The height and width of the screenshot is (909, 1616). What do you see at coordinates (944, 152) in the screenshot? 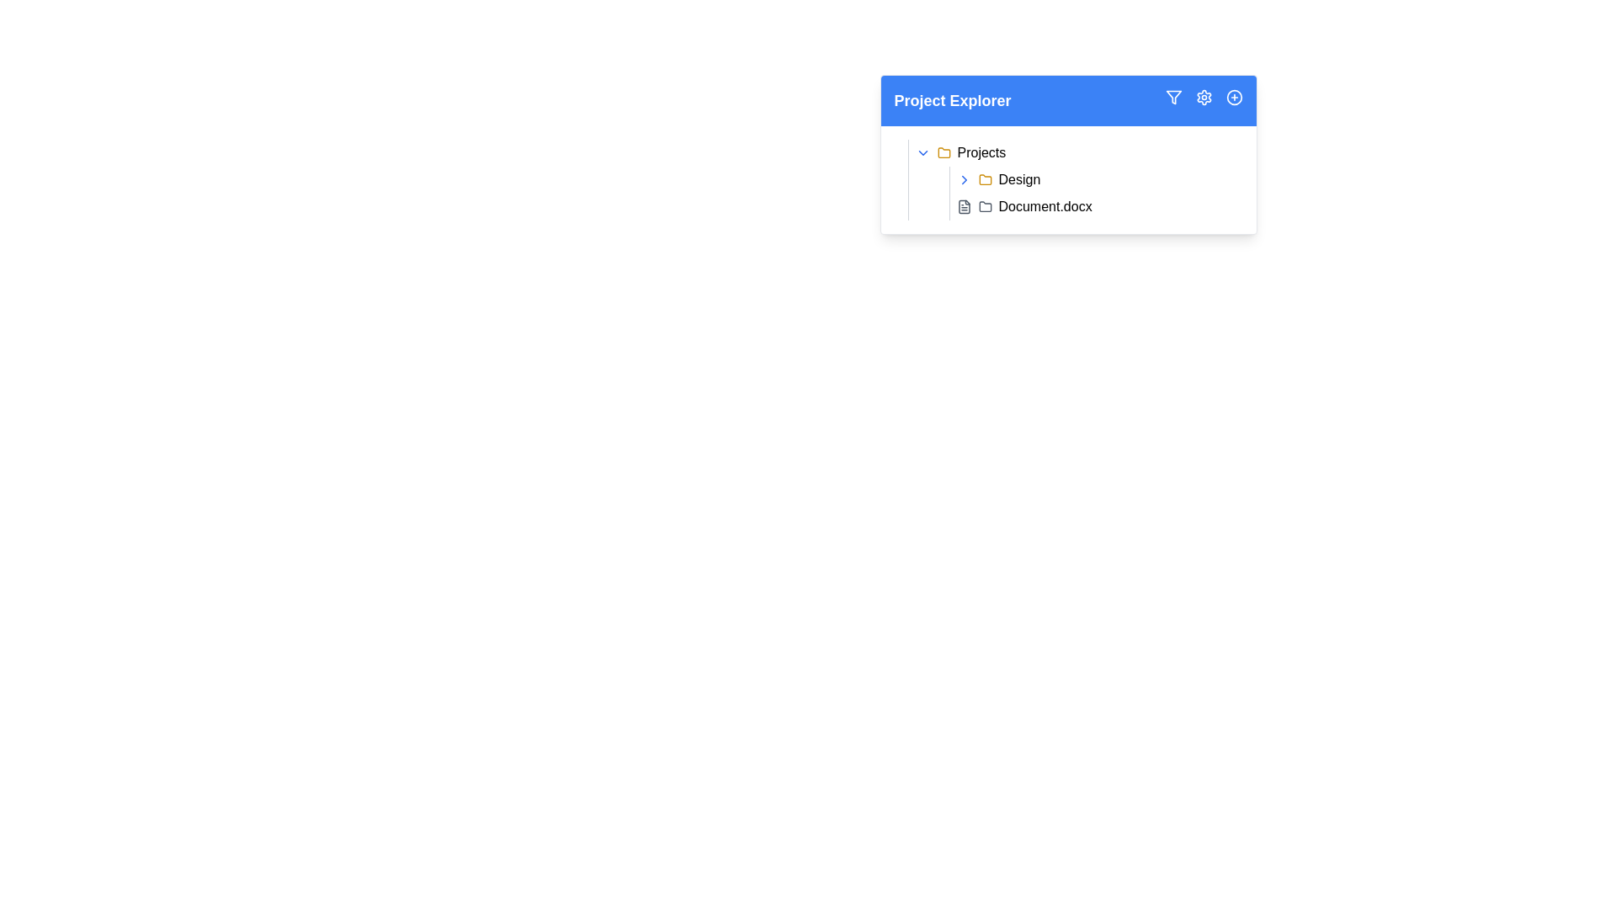
I see `the folder icon representing a directory in the project explorer, located beneath the 'Projects' node` at bounding box center [944, 152].